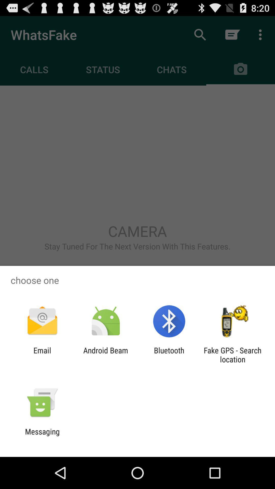 The height and width of the screenshot is (489, 275). What do you see at coordinates (169, 355) in the screenshot?
I see `app next to the fake gps search` at bounding box center [169, 355].